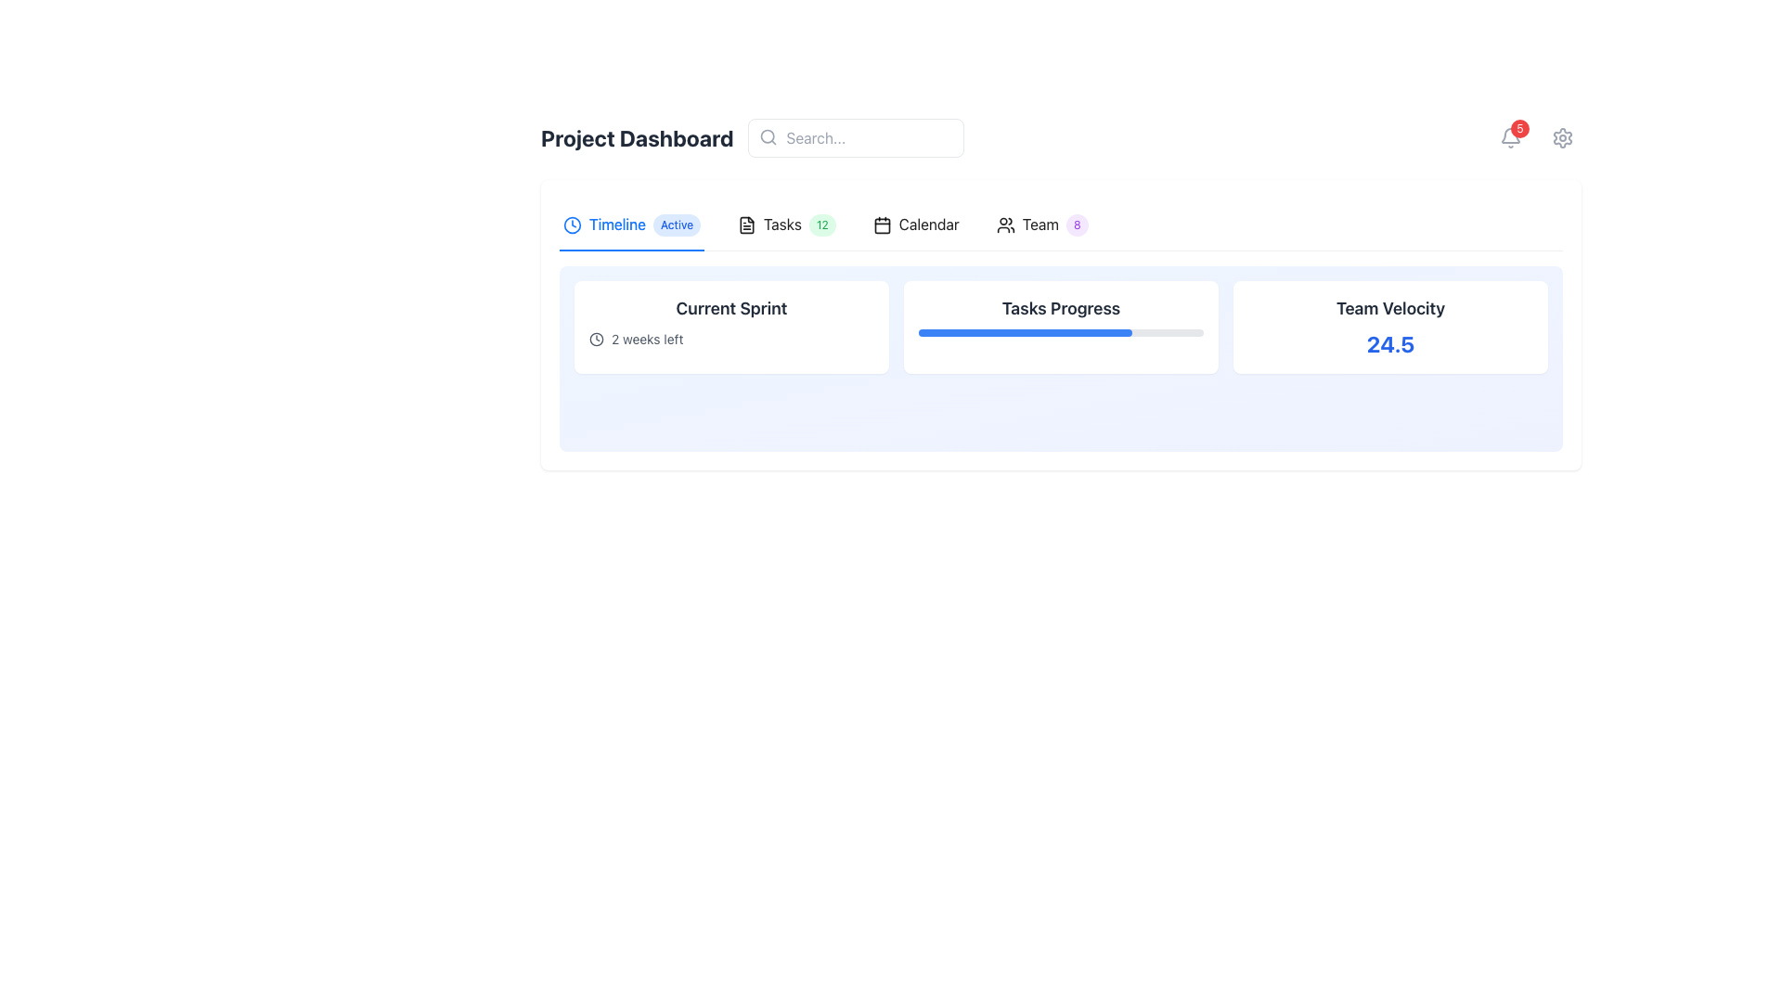  Describe the element at coordinates (1061, 308) in the screenshot. I see `the Text Label which serves as a title for the 'Tasks Progress' card, located at the center top section of the card` at that location.